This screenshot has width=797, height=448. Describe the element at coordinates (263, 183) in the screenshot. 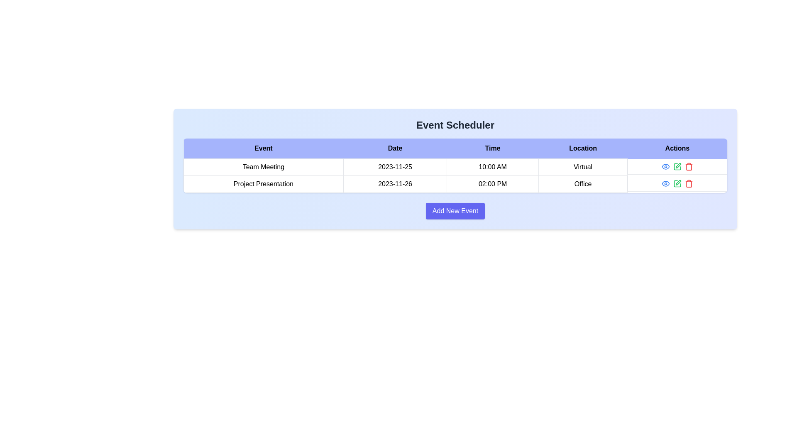

I see `the Label/Text display for the event in the first column of the second row under the 'Event' section of the Event Scheduler` at that location.